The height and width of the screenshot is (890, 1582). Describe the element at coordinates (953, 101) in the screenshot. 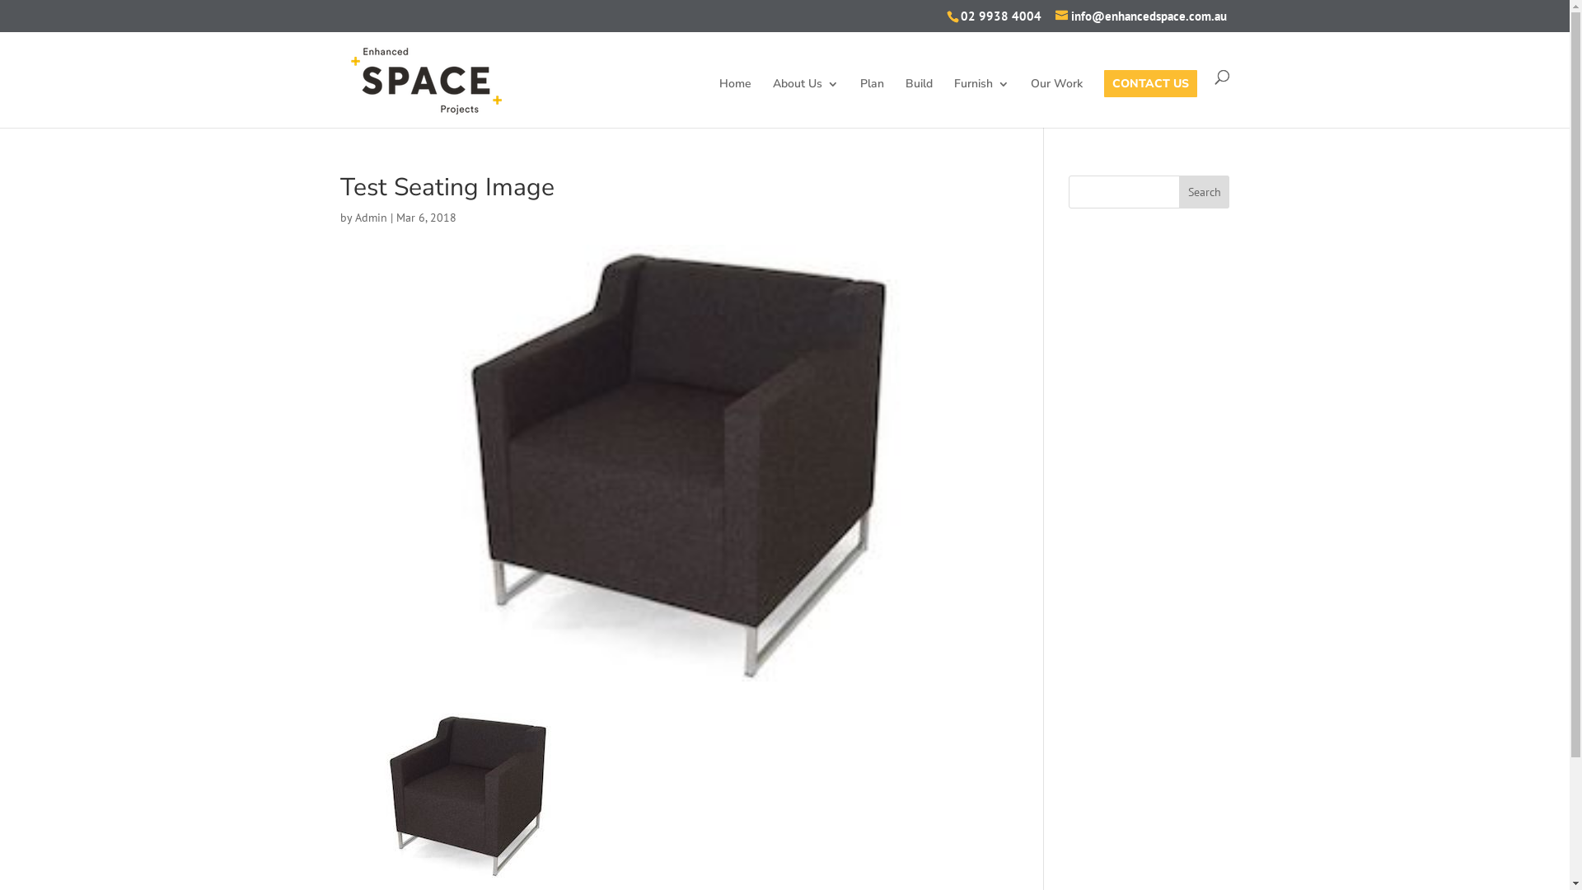

I see `'Furnish'` at that location.